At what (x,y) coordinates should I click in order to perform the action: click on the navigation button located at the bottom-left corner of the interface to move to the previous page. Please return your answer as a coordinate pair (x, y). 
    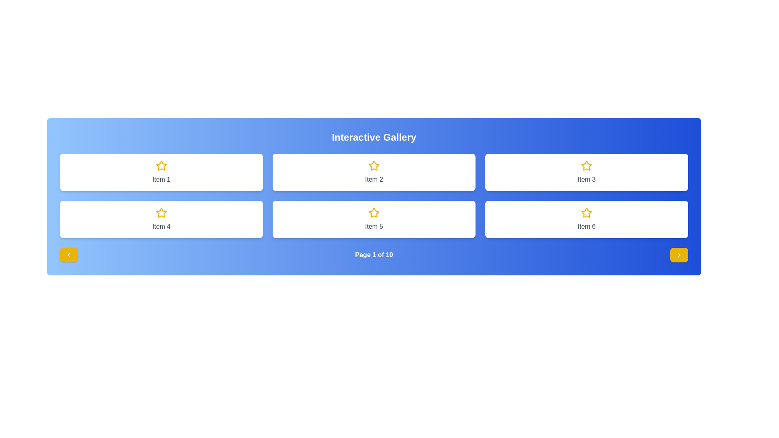
    Looking at the image, I should click on (69, 254).